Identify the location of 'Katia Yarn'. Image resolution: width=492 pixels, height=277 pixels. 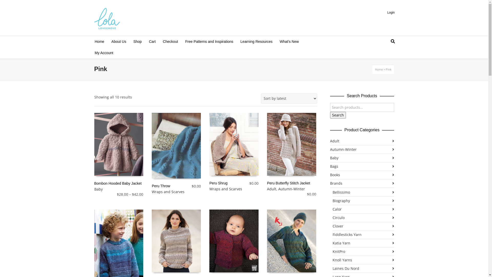
(363, 243).